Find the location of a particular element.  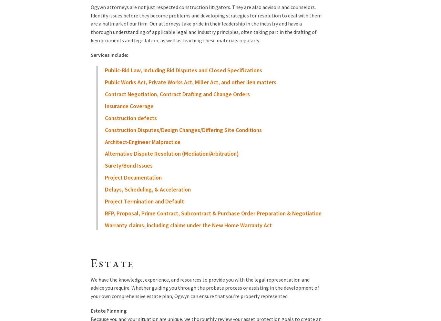

'Alternative Dispute Resolution (Mediation/Arbitration)' is located at coordinates (171, 153).